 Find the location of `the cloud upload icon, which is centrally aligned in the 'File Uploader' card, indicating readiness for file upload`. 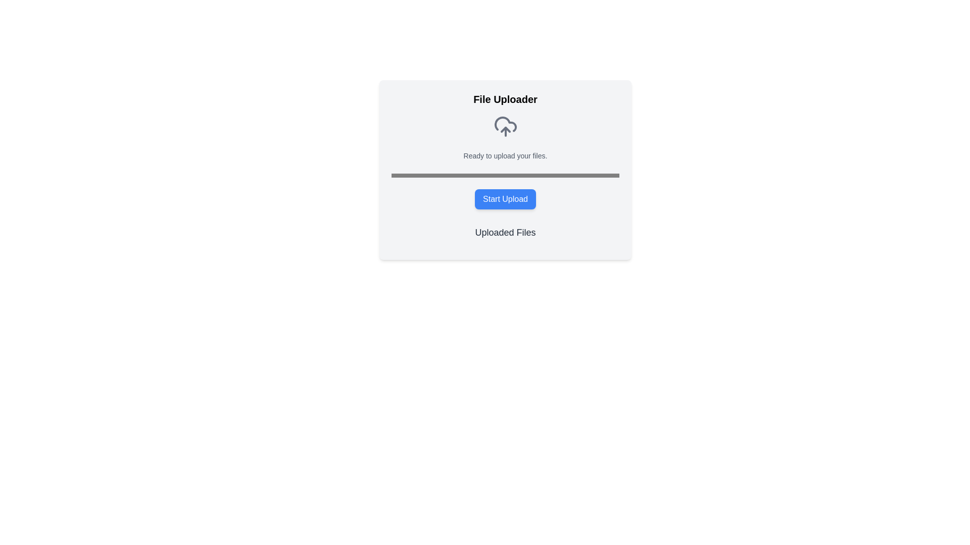

the cloud upload icon, which is centrally aligned in the 'File Uploader' card, indicating readiness for file upload is located at coordinates (505, 126).